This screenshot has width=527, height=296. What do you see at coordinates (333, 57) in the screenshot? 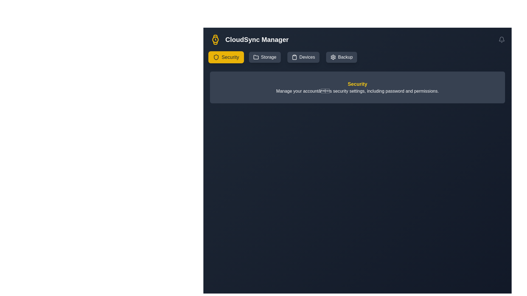
I see `the gear icon within the 'Backup' button located in the top navigation bar` at bounding box center [333, 57].